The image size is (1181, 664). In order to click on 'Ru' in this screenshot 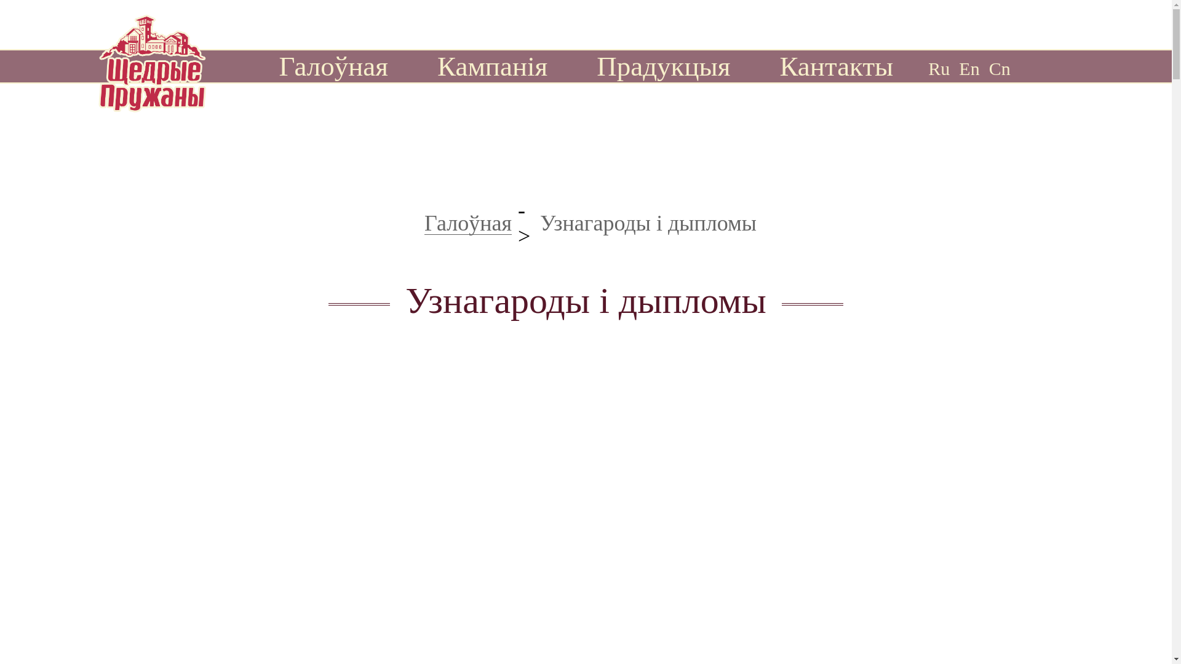, I will do `click(928, 68)`.